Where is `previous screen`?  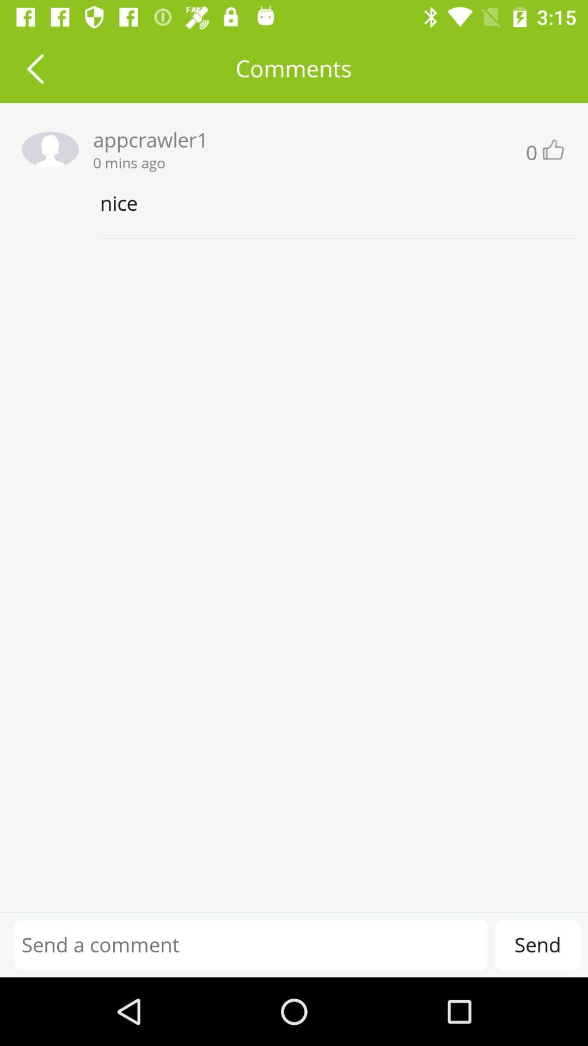 previous screen is located at coordinates (34, 68).